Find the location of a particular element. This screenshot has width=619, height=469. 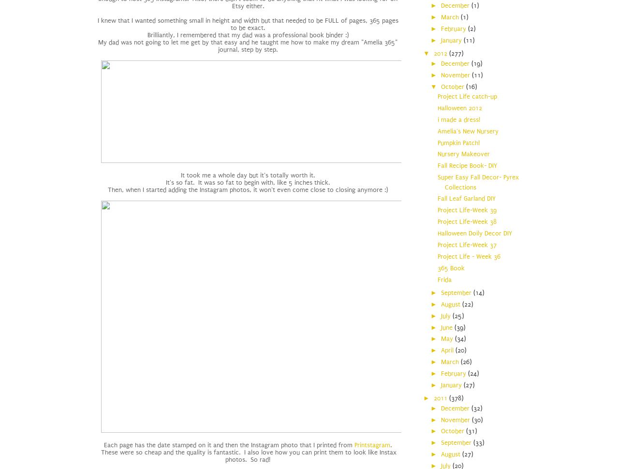

'(33)' is located at coordinates (478, 442).